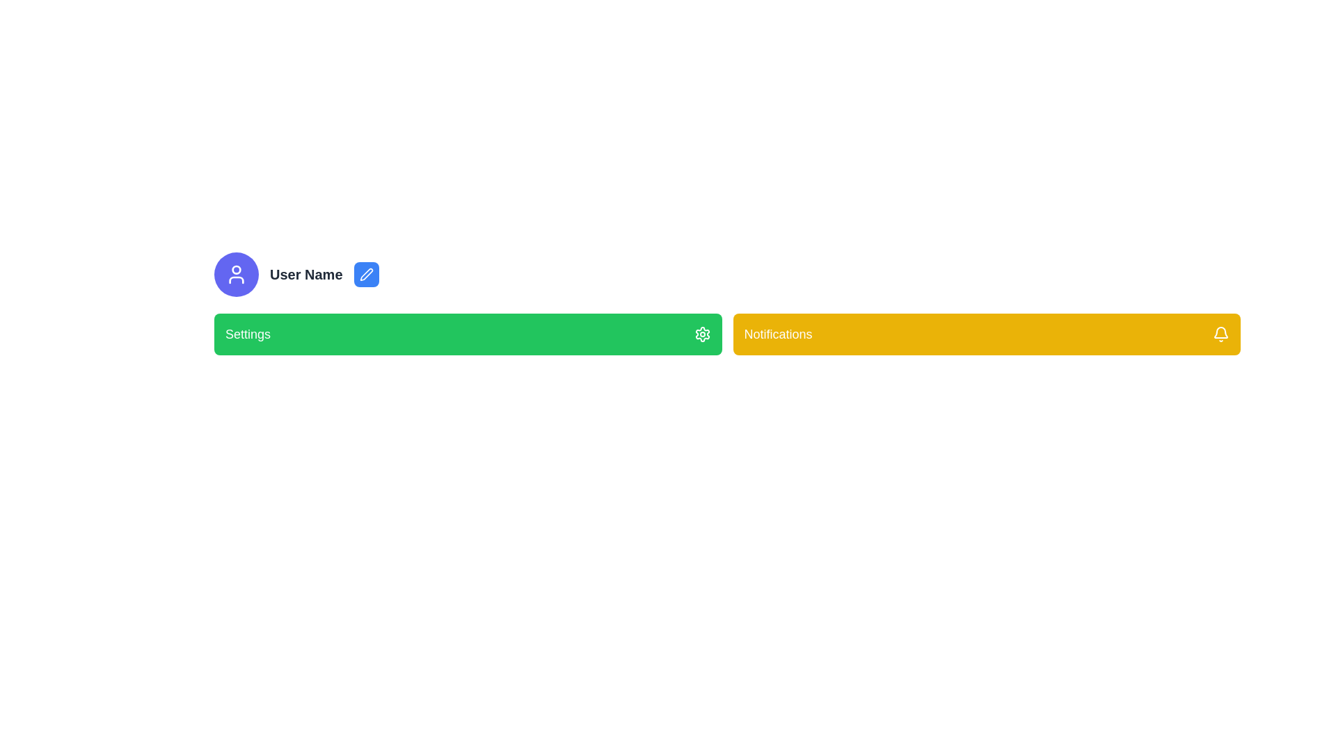 This screenshot has width=1336, height=751. I want to click on the gear-shaped settings icon located at the far right of the green 'Settings' button, so click(702, 334).